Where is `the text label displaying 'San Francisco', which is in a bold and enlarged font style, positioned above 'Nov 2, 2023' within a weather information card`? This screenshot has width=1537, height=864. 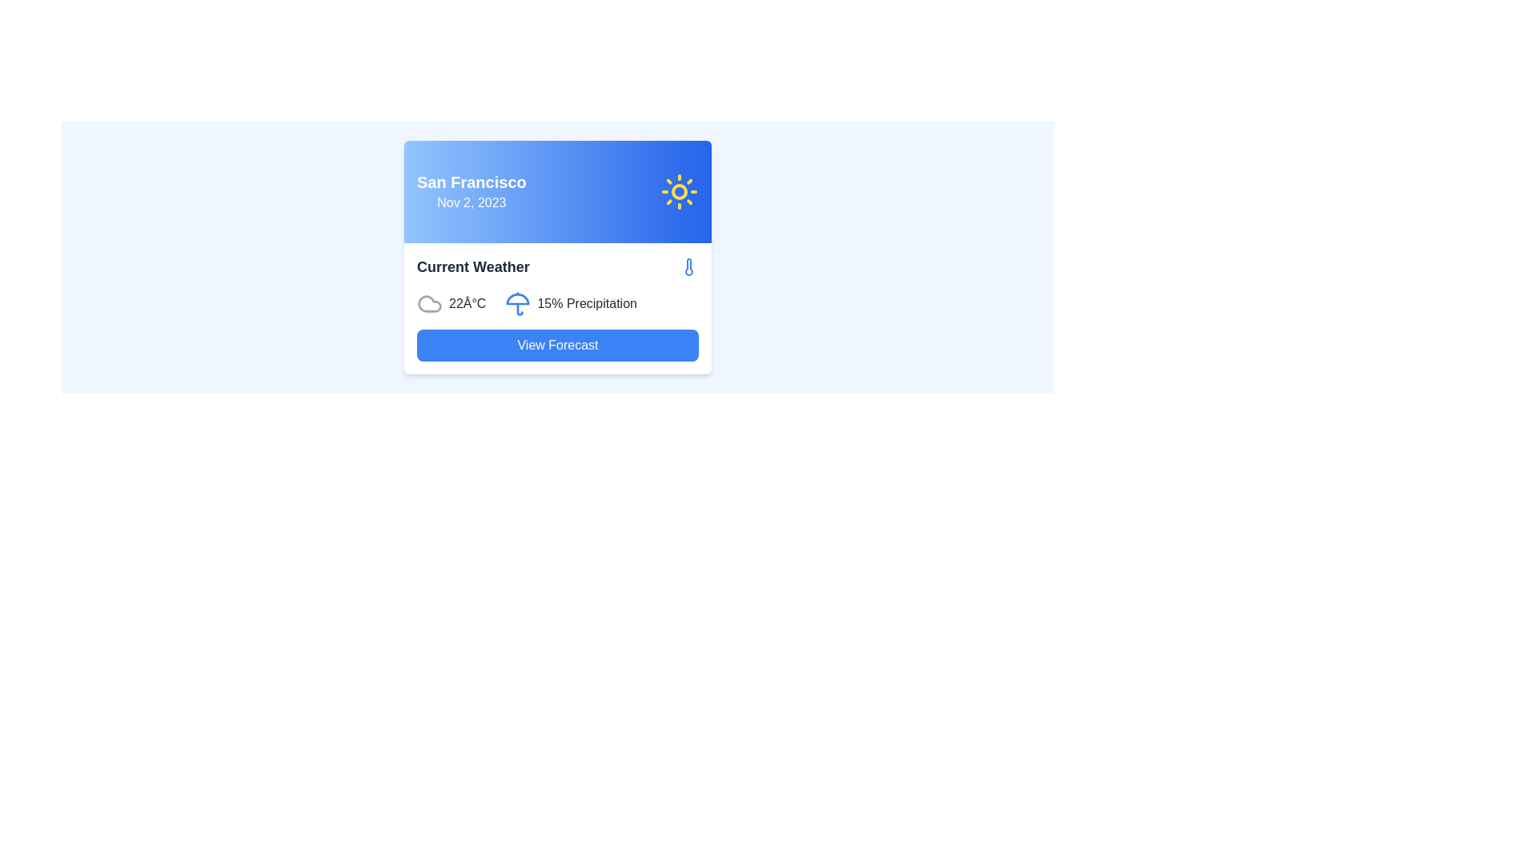 the text label displaying 'San Francisco', which is in a bold and enlarged font style, positioned above 'Nov 2, 2023' within a weather information card is located at coordinates (471, 181).